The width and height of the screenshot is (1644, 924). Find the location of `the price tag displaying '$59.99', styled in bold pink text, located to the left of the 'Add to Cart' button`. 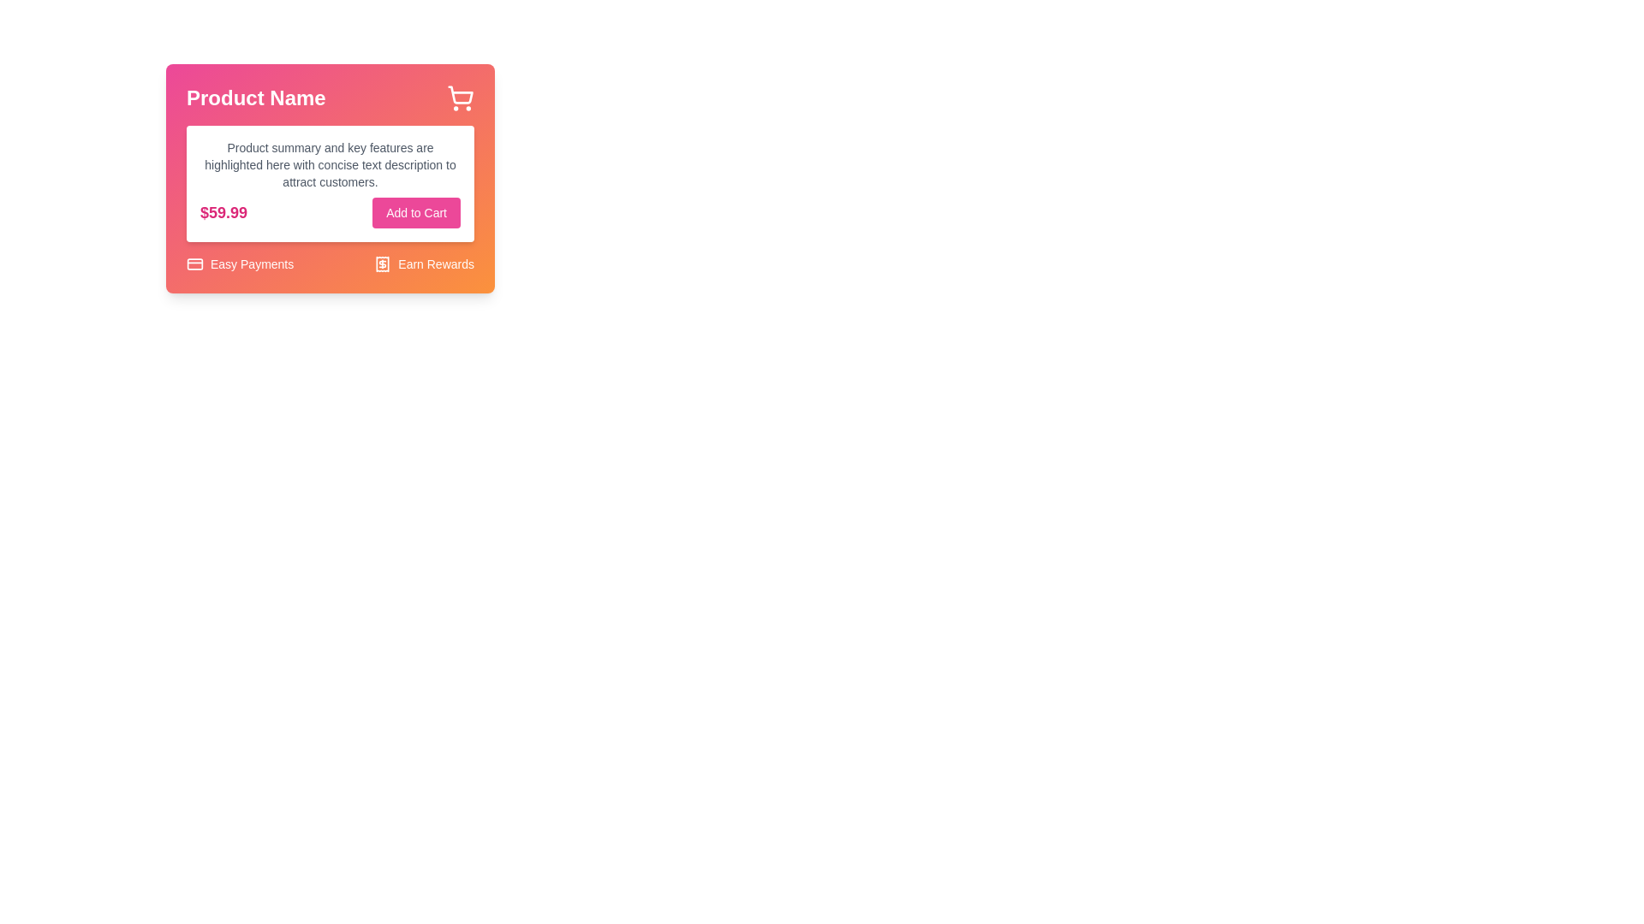

the price tag displaying '$59.99', styled in bold pink text, located to the left of the 'Add to Cart' button is located at coordinates (223, 212).